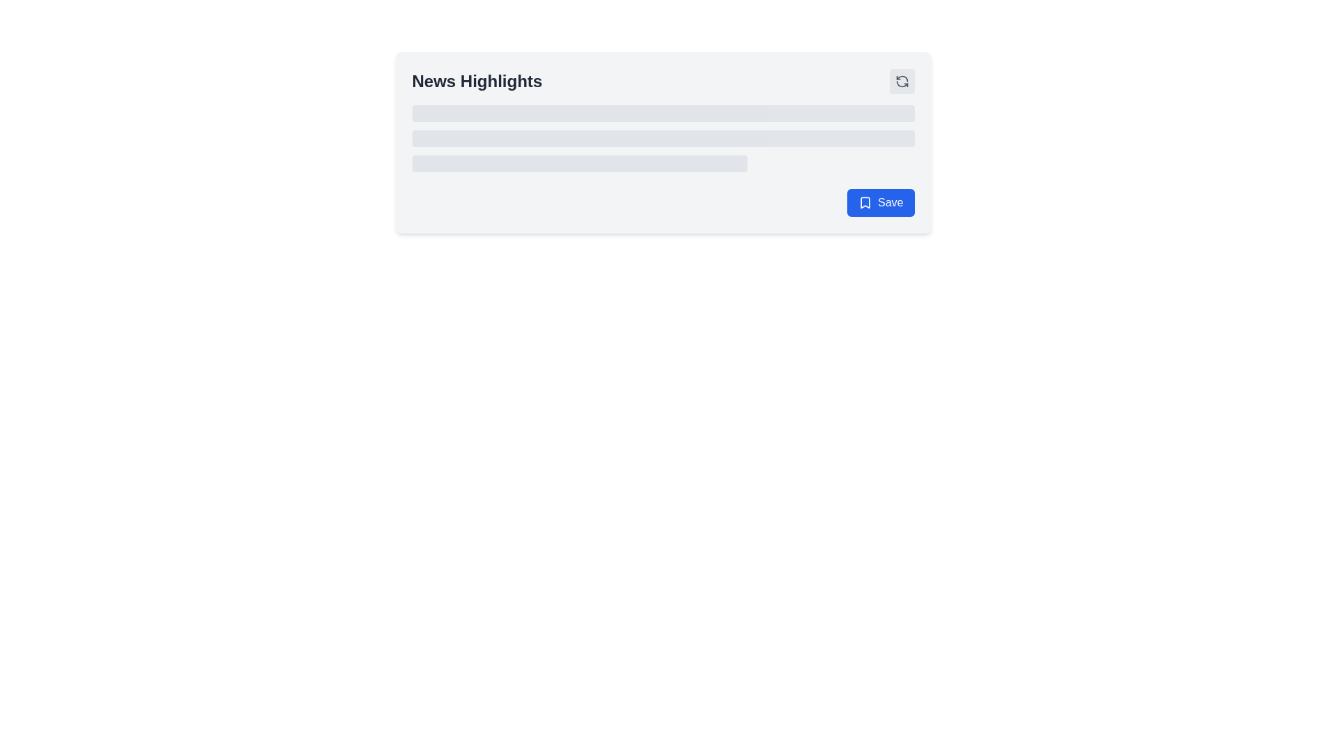 This screenshot has width=1340, height=753. What do you see at coordinates (662, 139) in the screenshot?
I see `the second decorative loading bar or placeholder within the 'News Highlights' card, which serves as a visual structure for indicating an ongoing loading process` at bounding box center [662, 139].